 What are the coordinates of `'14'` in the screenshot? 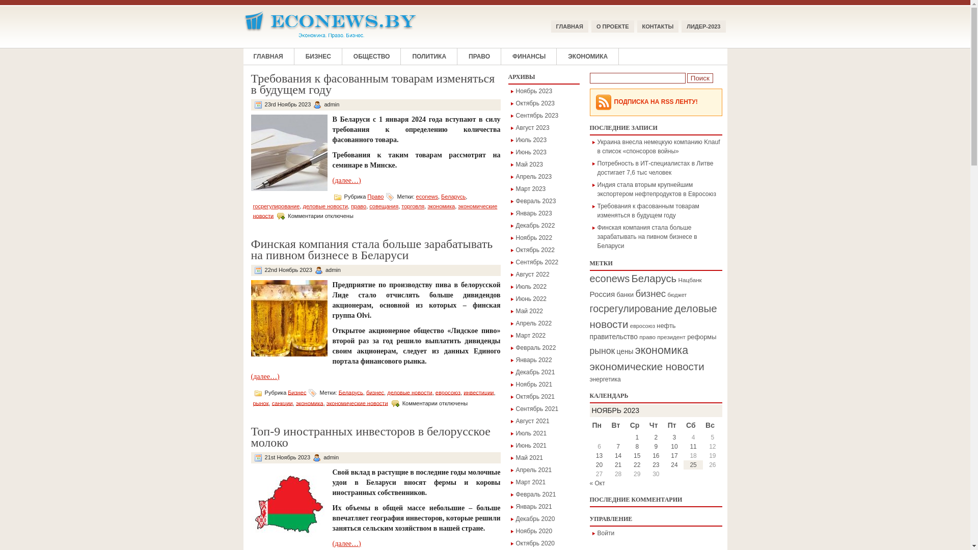 It's located at (617, 455).